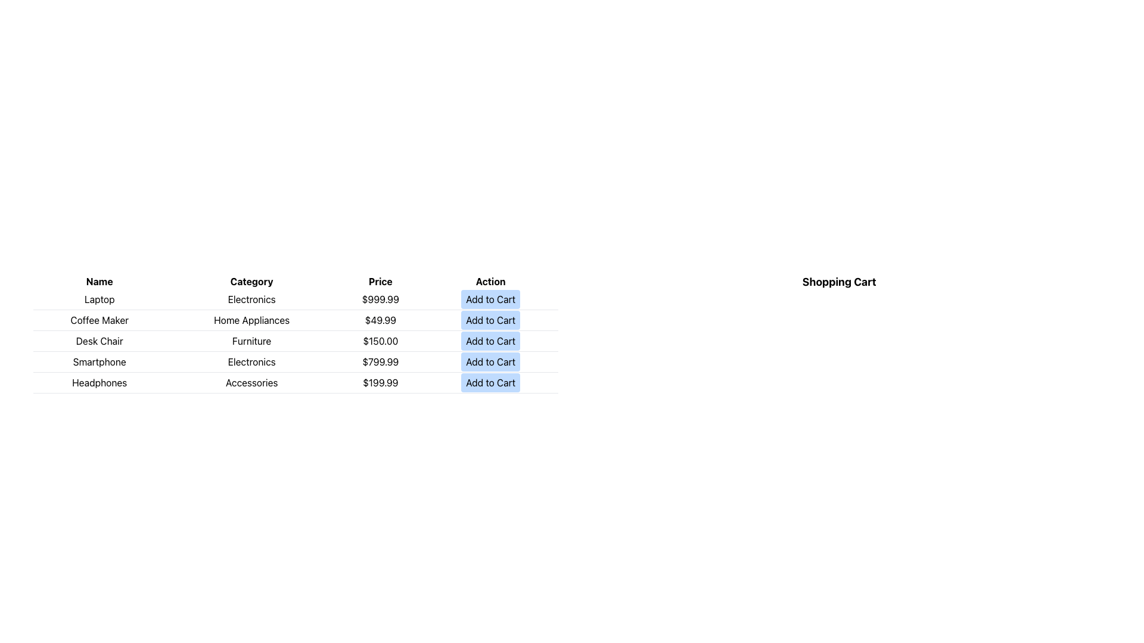  Describe the element at coordinates (296, 319) in the screenshot. I see `the second row of the product summary table for the Coffee Maker, which includes its category, price, and add to cart button` at that location.